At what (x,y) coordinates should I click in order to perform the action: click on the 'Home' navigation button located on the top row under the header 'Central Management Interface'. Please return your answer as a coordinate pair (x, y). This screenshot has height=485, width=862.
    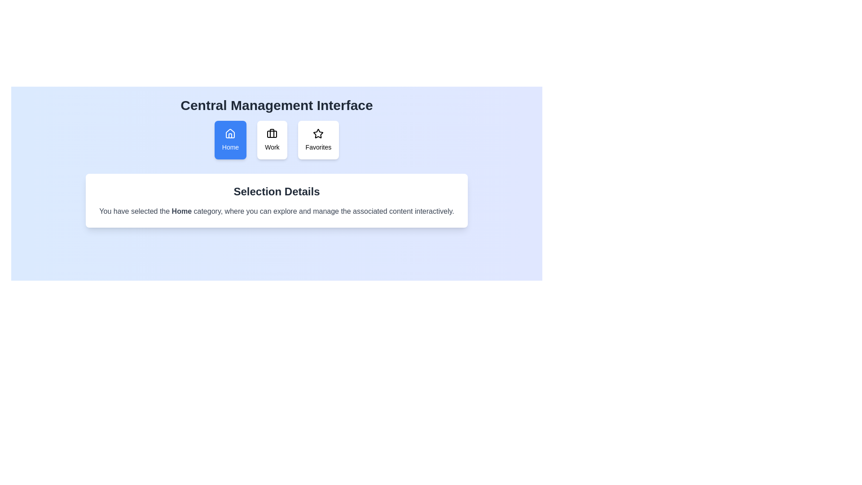
    Looking at the image, I should click on (230, 140).